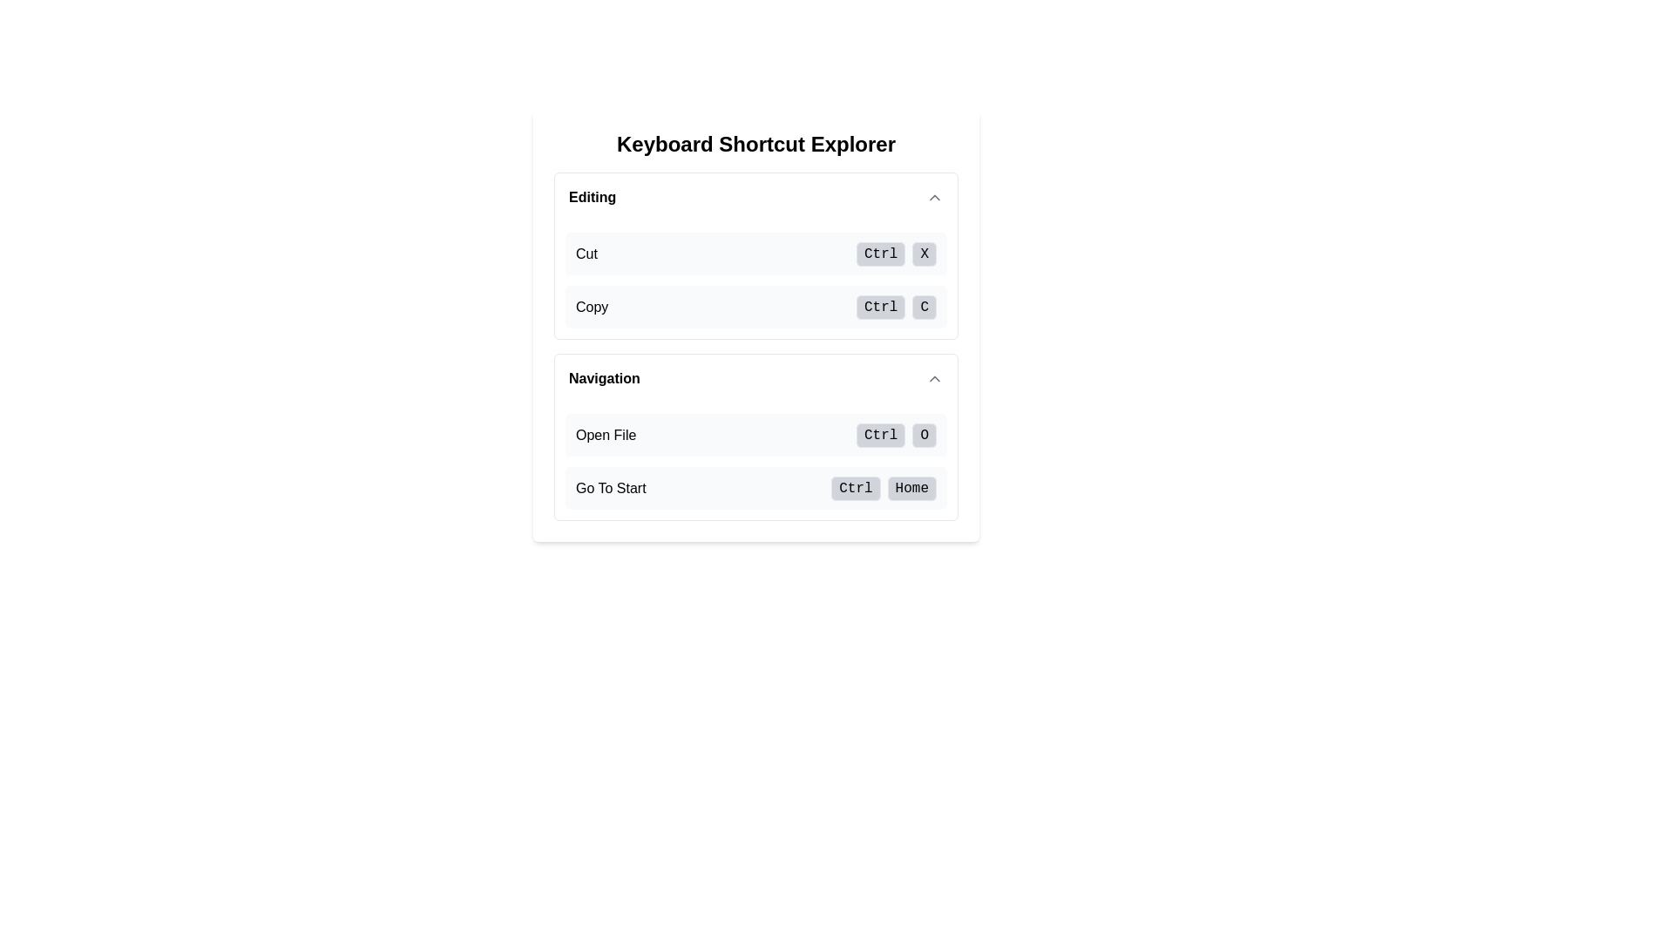 The height and width of the screenshot is (941, 1673). Describe the element at coordinates (911, 488) in the screenshot. I see `the content of the 'Home' key text label styled as a button, which is located to the right of the 'Ctrl' label in the 'Go To Start' row of the 'Navigation' section` at that location.